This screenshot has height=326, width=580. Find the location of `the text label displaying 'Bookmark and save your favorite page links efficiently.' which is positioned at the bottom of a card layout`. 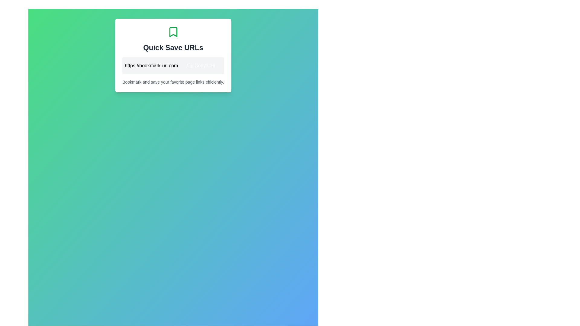

the text label displaying 'Bookmark and save your favorite page links efficiently.' which is positioned at the bottom of a card layout is located at coordinates (173, 82).